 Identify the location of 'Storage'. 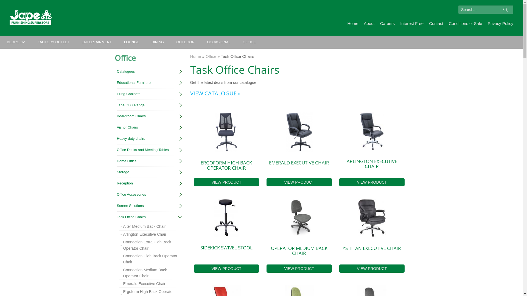
(117, 172).